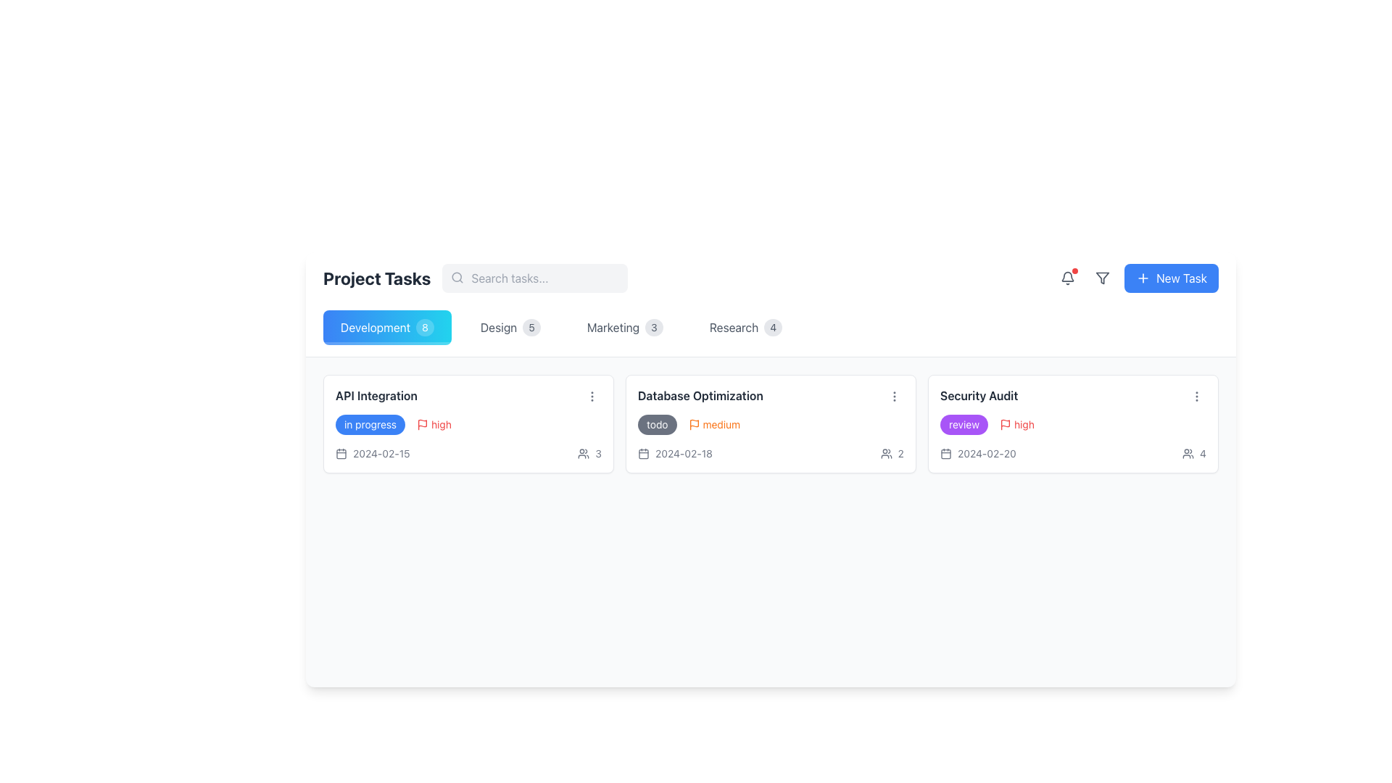 The width and height of the screenshot is (1392, 783). What do you see at coordinates (376, 396) in the screenshot?
I see `the 'API Integration' label, which is displayed in bold dark gray text on a white background, located at the top left of the task card` at bounding box center [376, 396].